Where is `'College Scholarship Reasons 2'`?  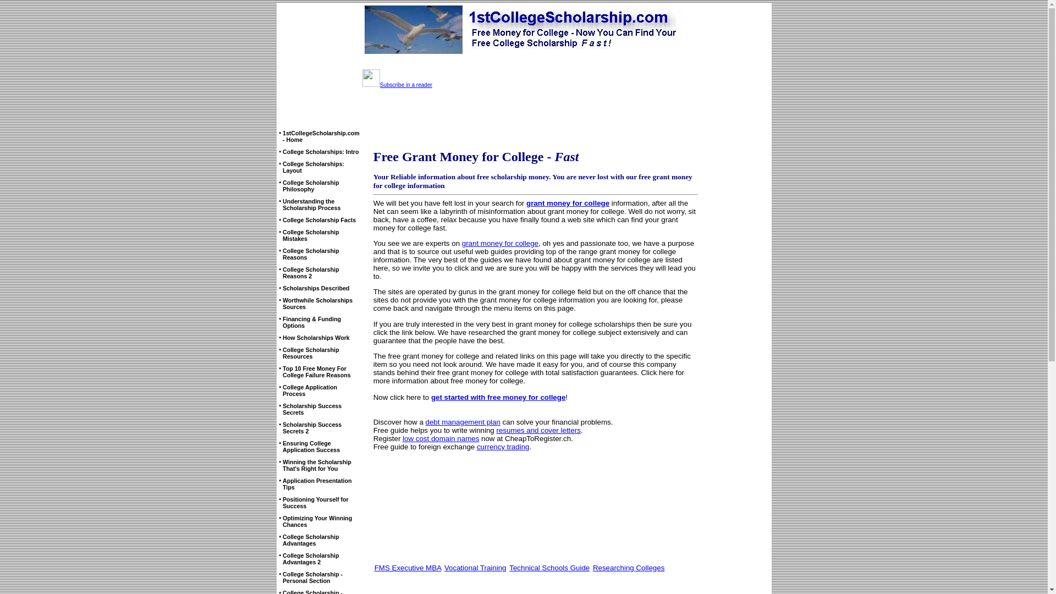
'College Scholarship Reasons 2' is located at coordinates (310, 272).